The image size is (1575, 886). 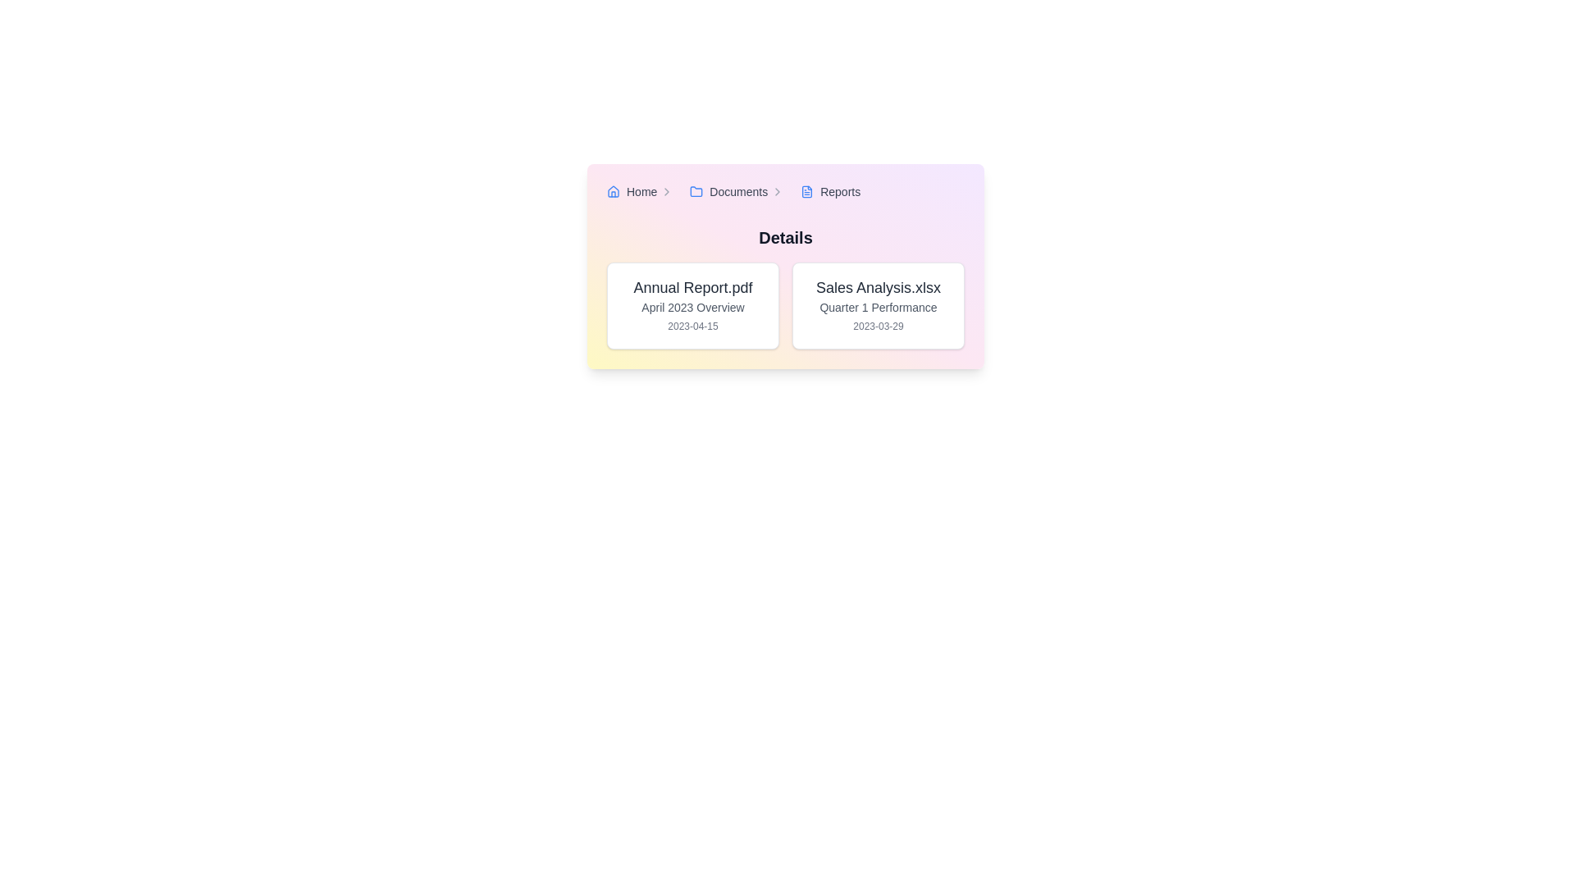 I want to click on the static text label providing a summary for the document, located centrally below the 'Annual Report.pdf' title and above the date '2023-04-15', so click(x=692, y=307).